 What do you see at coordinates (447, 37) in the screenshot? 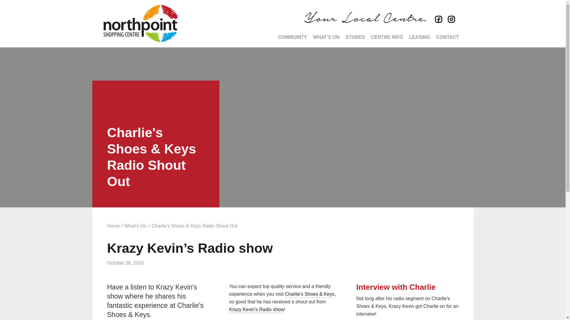
I see `'CONTACT'` at bounding box center [447, 37].